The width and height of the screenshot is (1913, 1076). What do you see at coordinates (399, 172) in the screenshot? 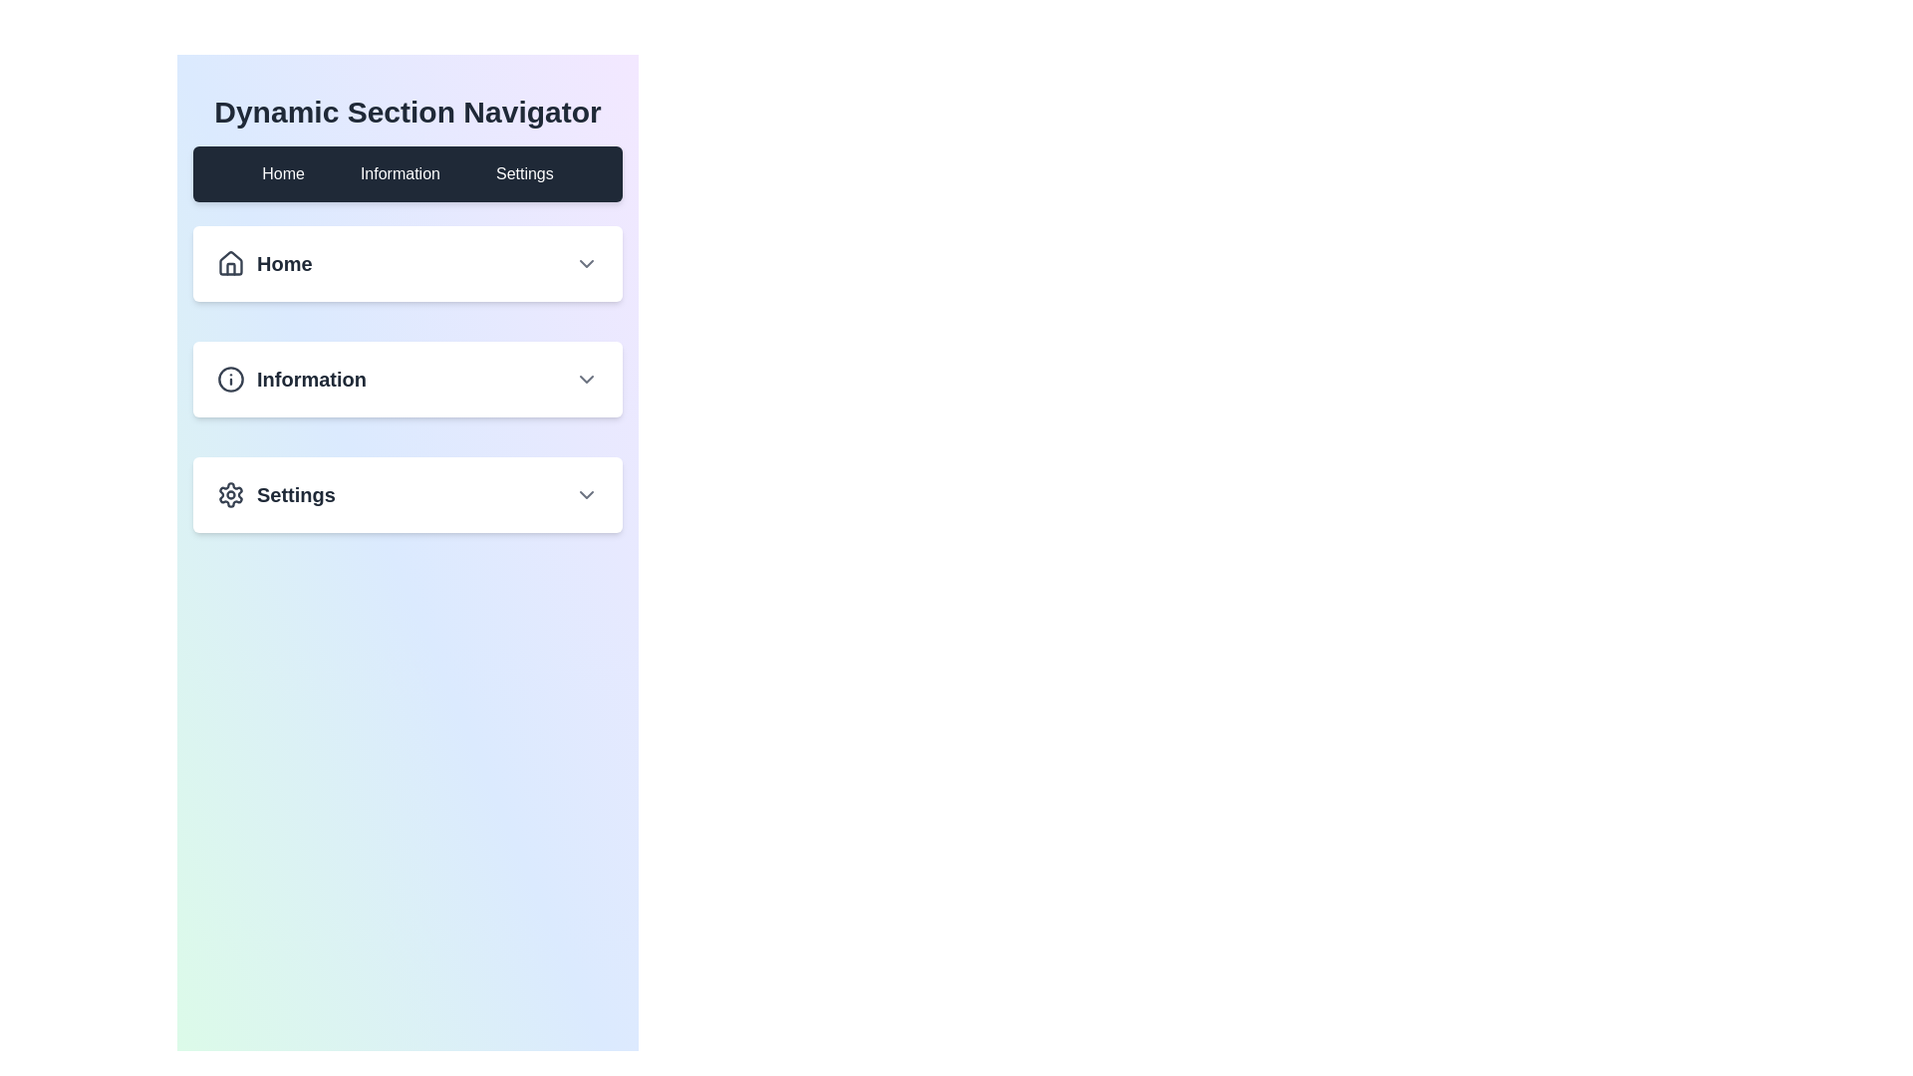
I see `the navigational button located between the 'Home' and 'Settings' buttons` at bounding box center [399, 172].